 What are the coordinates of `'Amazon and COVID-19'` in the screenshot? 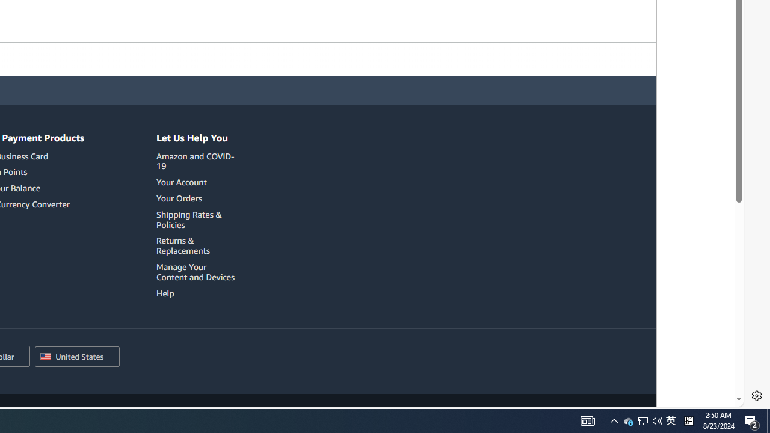 It's located at (196, 160).